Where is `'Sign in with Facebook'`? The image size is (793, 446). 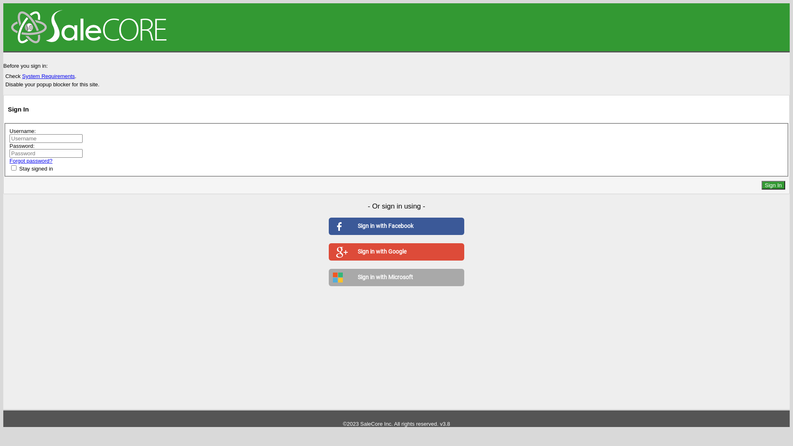 'Sign in with Facebook' is located at coordinates (396, 226).